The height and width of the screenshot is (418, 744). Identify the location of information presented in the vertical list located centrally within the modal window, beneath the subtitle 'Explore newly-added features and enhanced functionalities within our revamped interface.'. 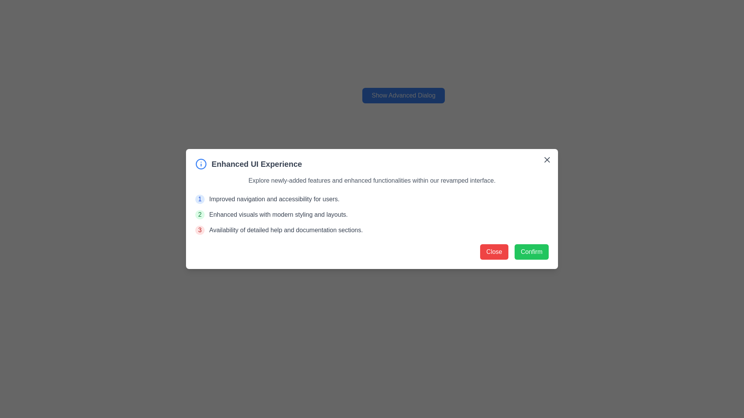
(372, 215).